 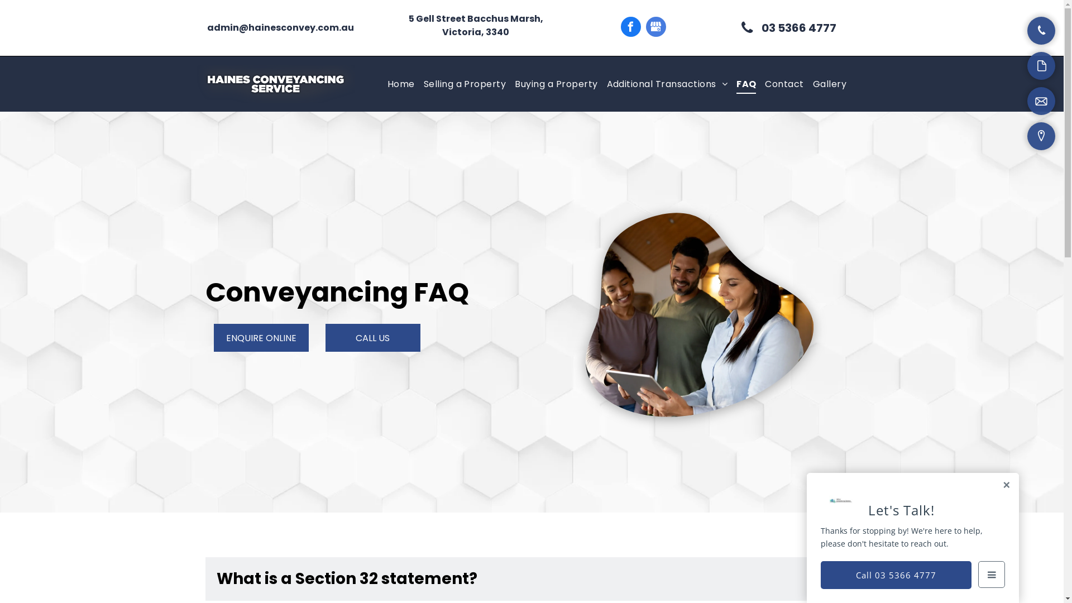 What do you see at coordinates (667, 83) in the screenshot?
I see `'Additional Transactions'` at bounding box center [667, 83].